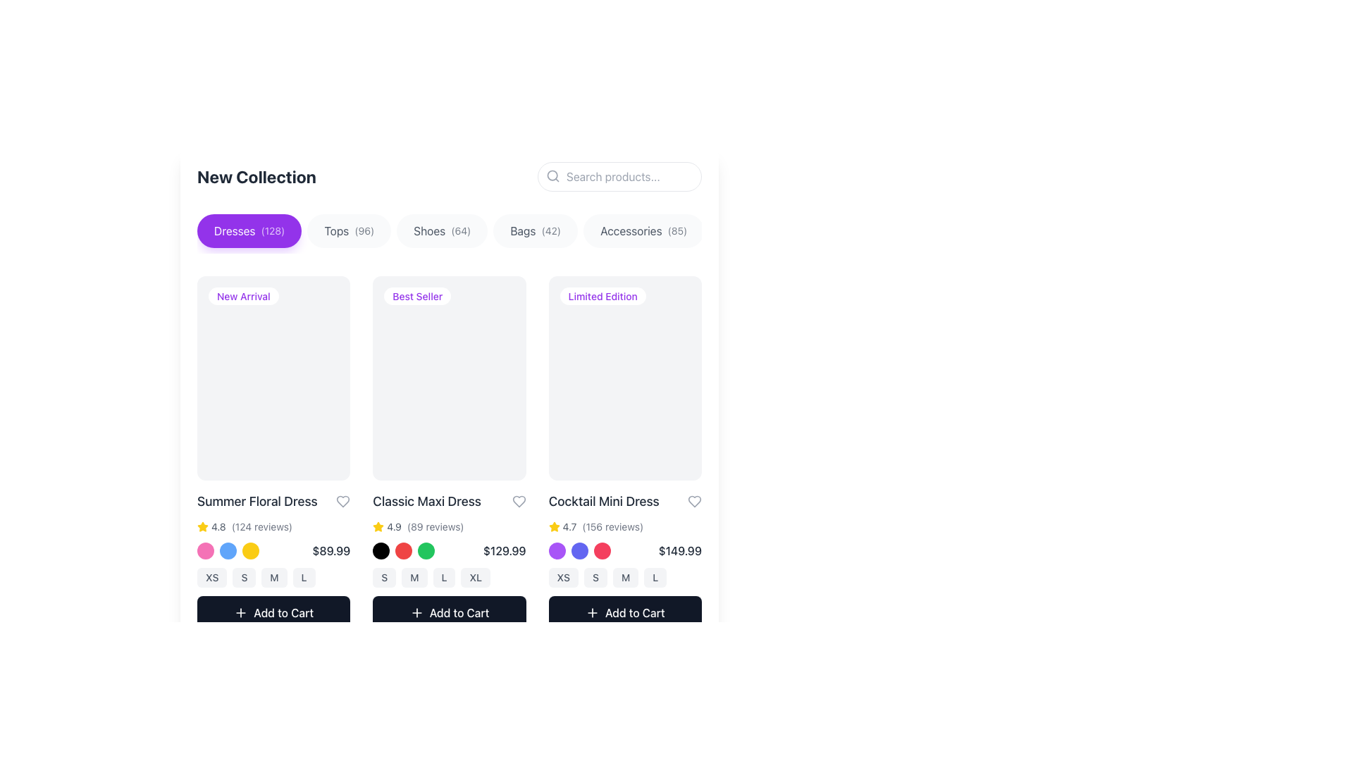 The width and height of the screenshot is (1353, 761). I want to click on the 'Dresses' text label within the purple oval button to highlight the text, so click(235, 230).